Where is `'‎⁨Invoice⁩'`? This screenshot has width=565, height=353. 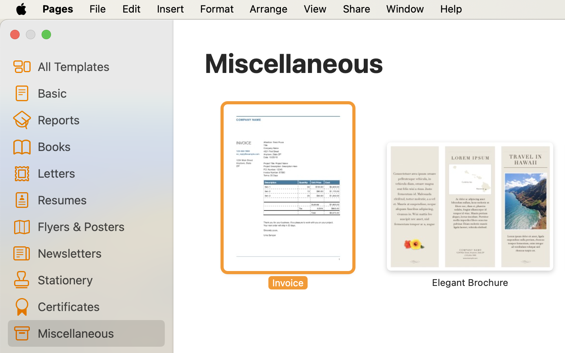 '‎⁨Invoice⁩' is located at coordinates (287, 196).